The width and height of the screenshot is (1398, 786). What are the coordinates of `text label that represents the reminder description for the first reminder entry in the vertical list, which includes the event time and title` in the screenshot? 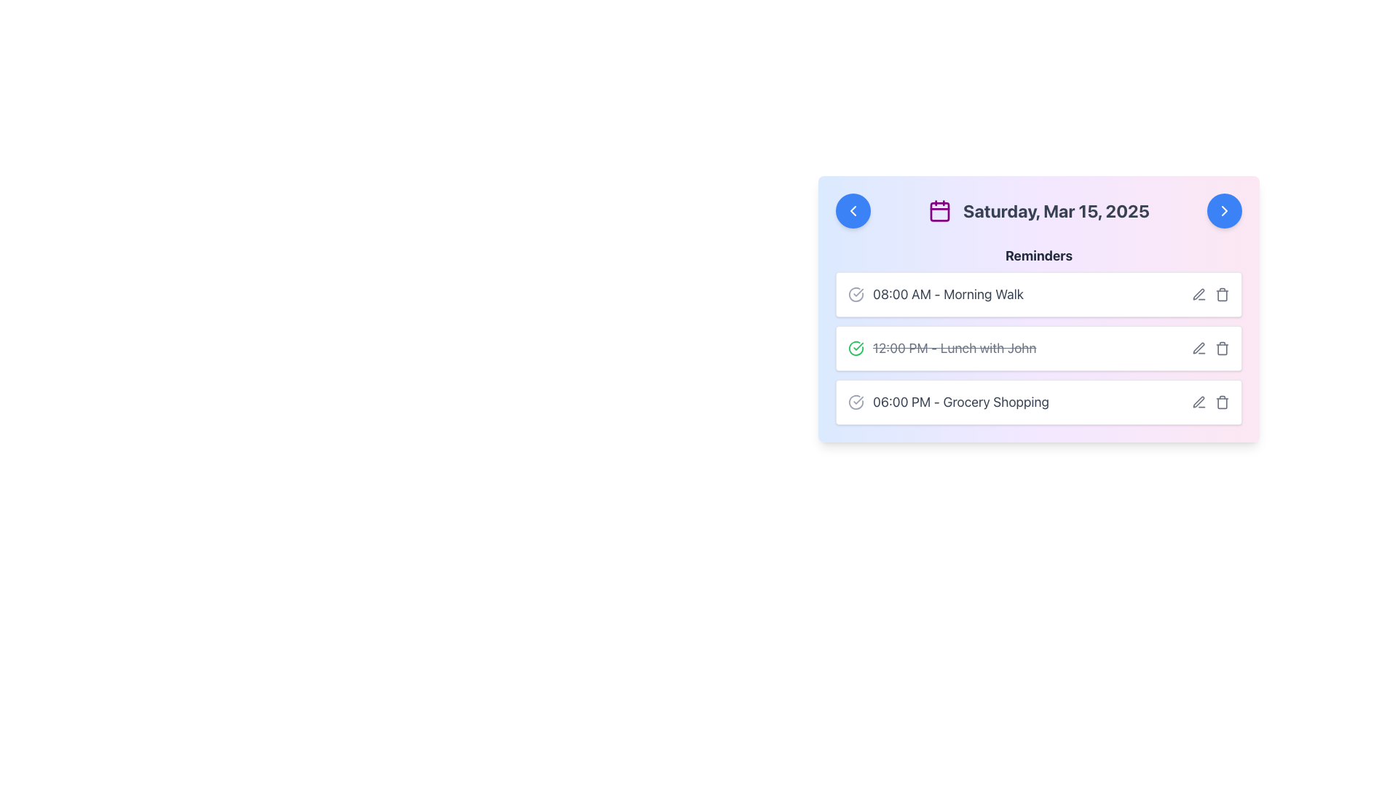 It's located at (948, 295).